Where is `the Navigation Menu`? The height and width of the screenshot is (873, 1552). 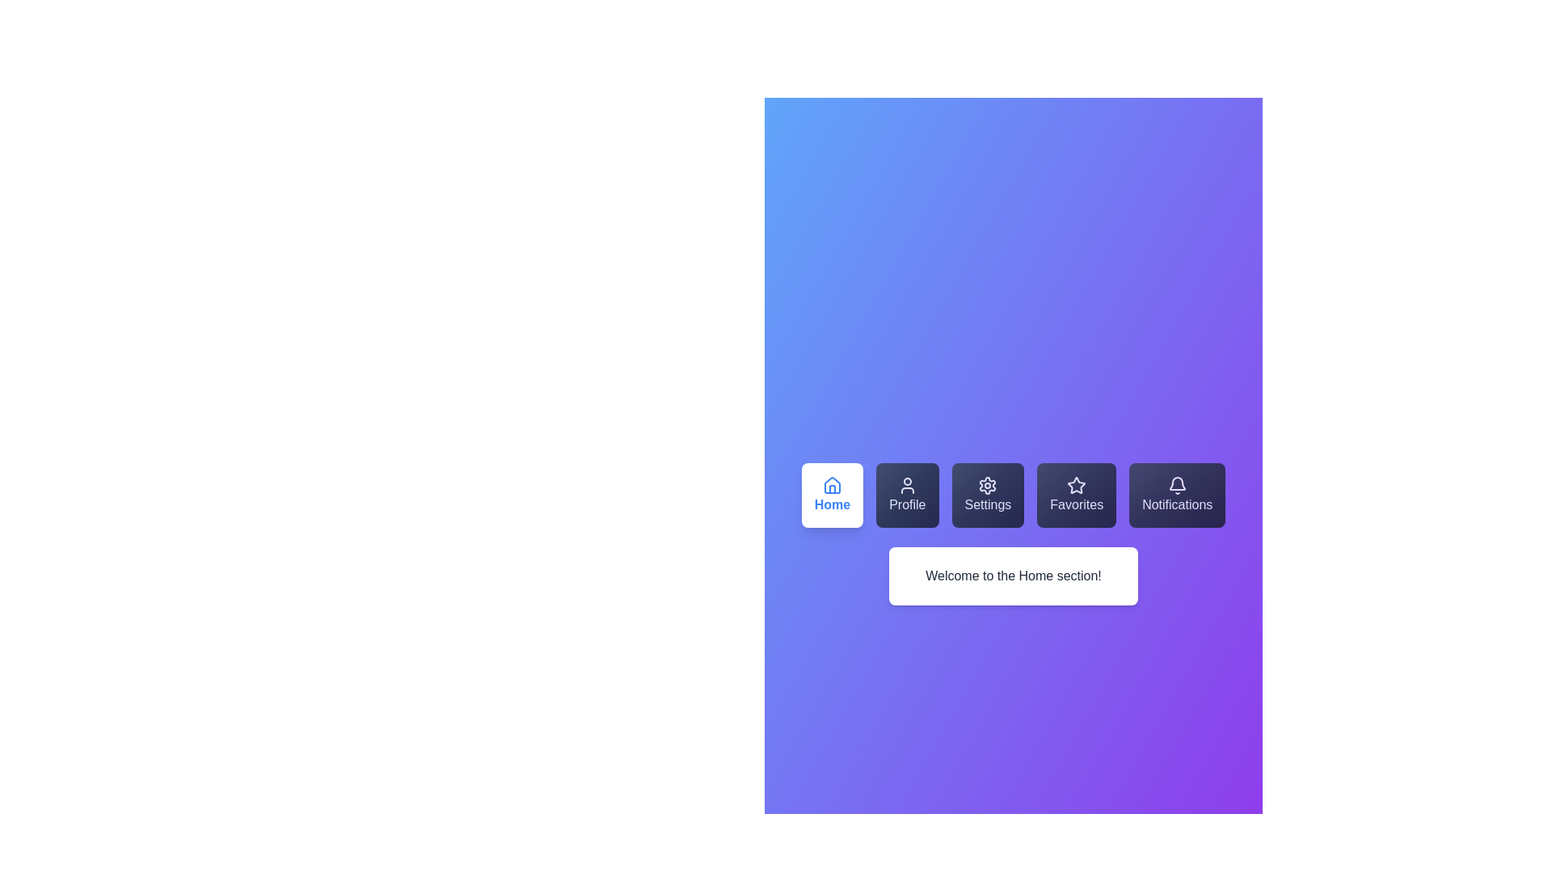
the Navigation Menu is located at coordinates (1012, 495).